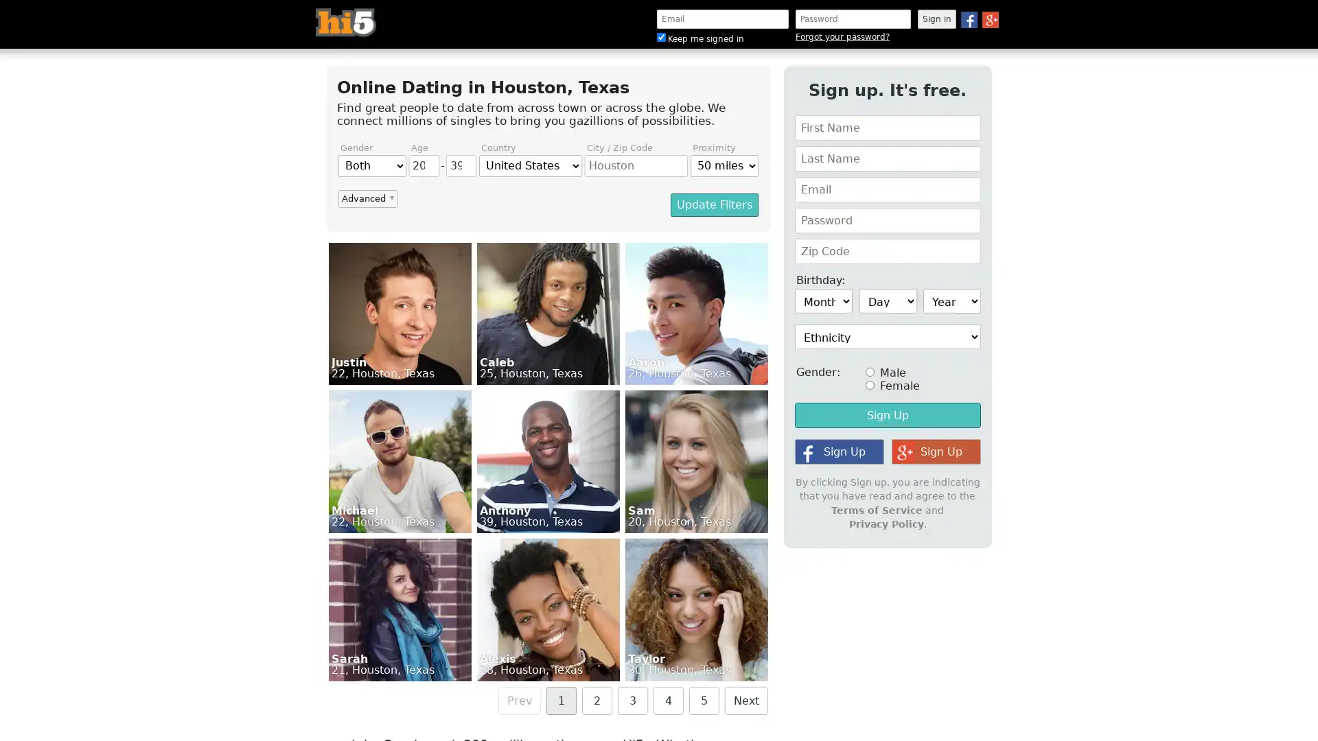 The height and width of the screenshot is (741, 1318). I want to click on Sign Up, so click(838, 451).